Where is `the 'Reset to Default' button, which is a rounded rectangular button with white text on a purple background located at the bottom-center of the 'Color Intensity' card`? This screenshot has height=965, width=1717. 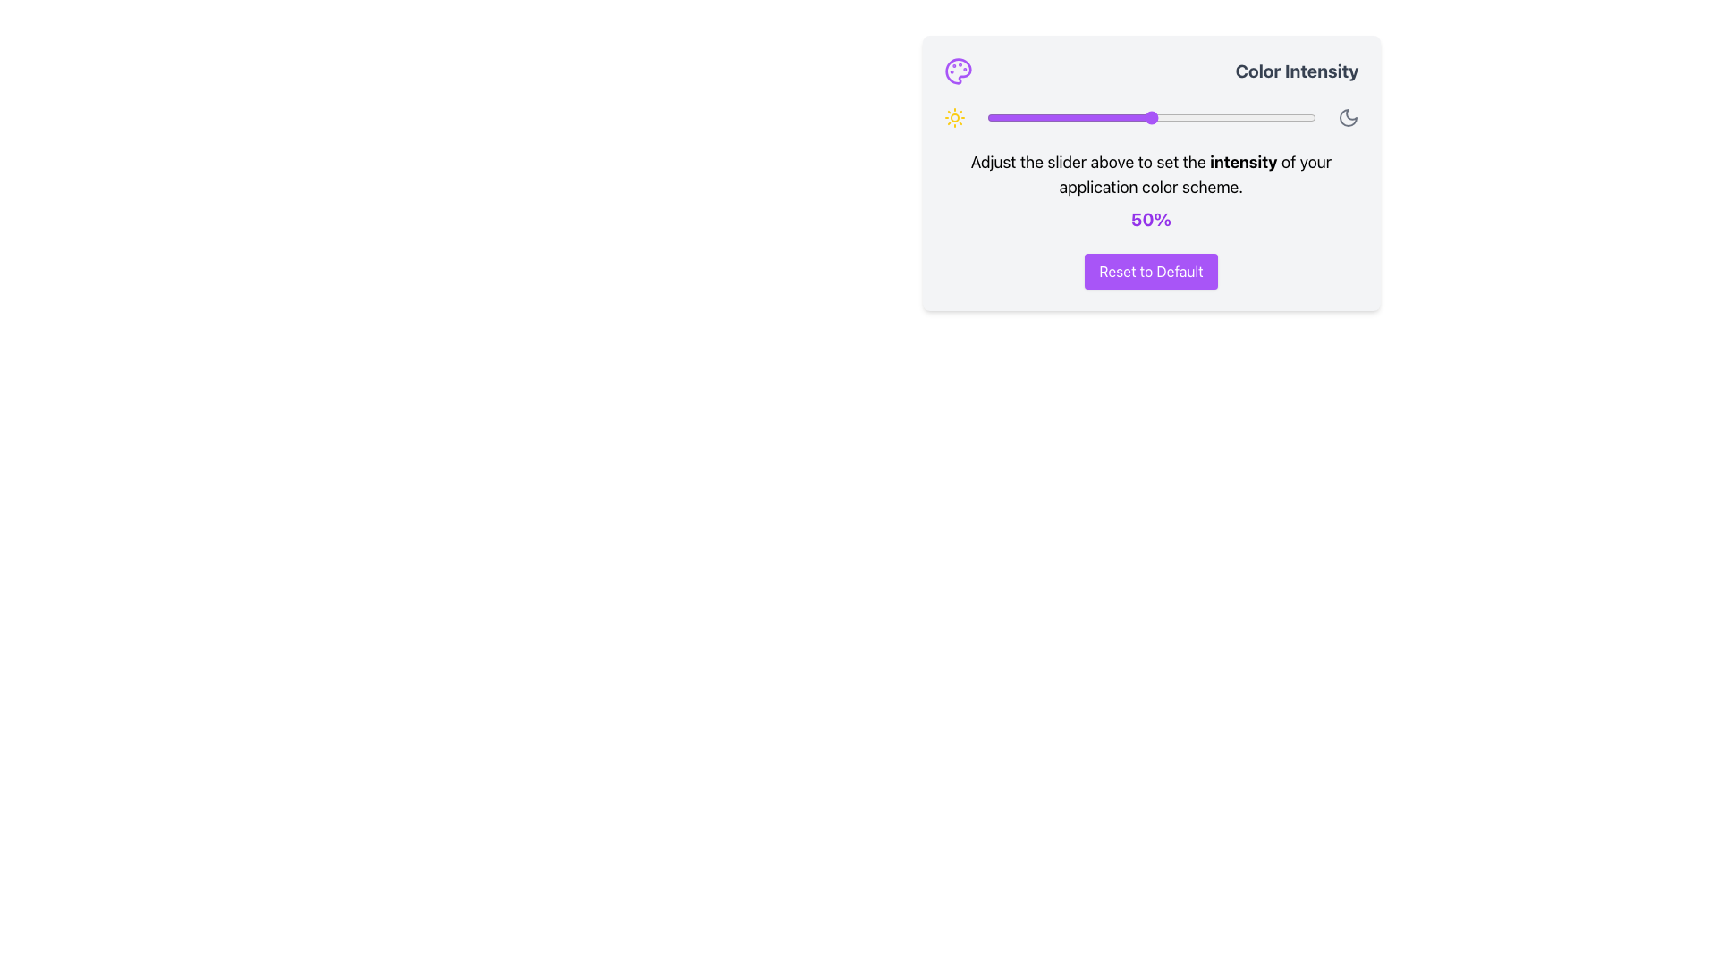
the 'Reset to Default' button, which is a rounded rectangular button with white text on a purple background located at the bottom-center of the 'Color Intensity' card is located at coordinates (1151, 272).